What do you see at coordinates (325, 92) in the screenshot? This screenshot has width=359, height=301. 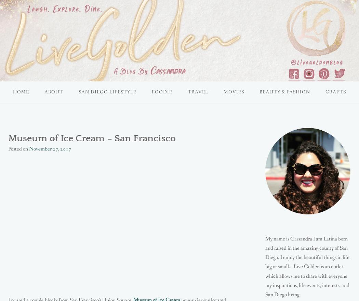 I see `'CRAFTS'` at bounding box center [325, 92].